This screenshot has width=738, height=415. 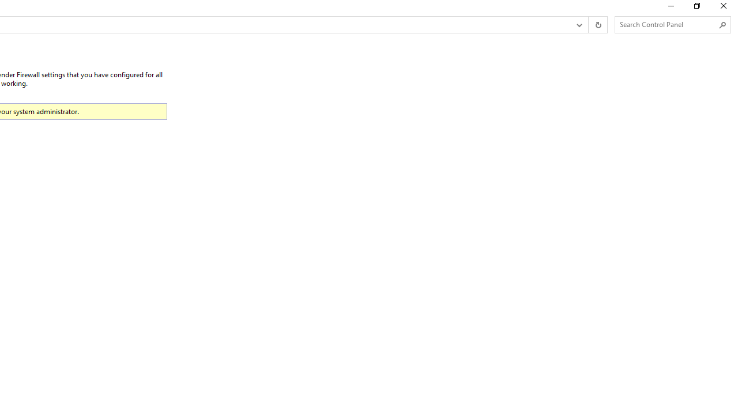 I want to click on 'Restore', so click(x=696, y=9).